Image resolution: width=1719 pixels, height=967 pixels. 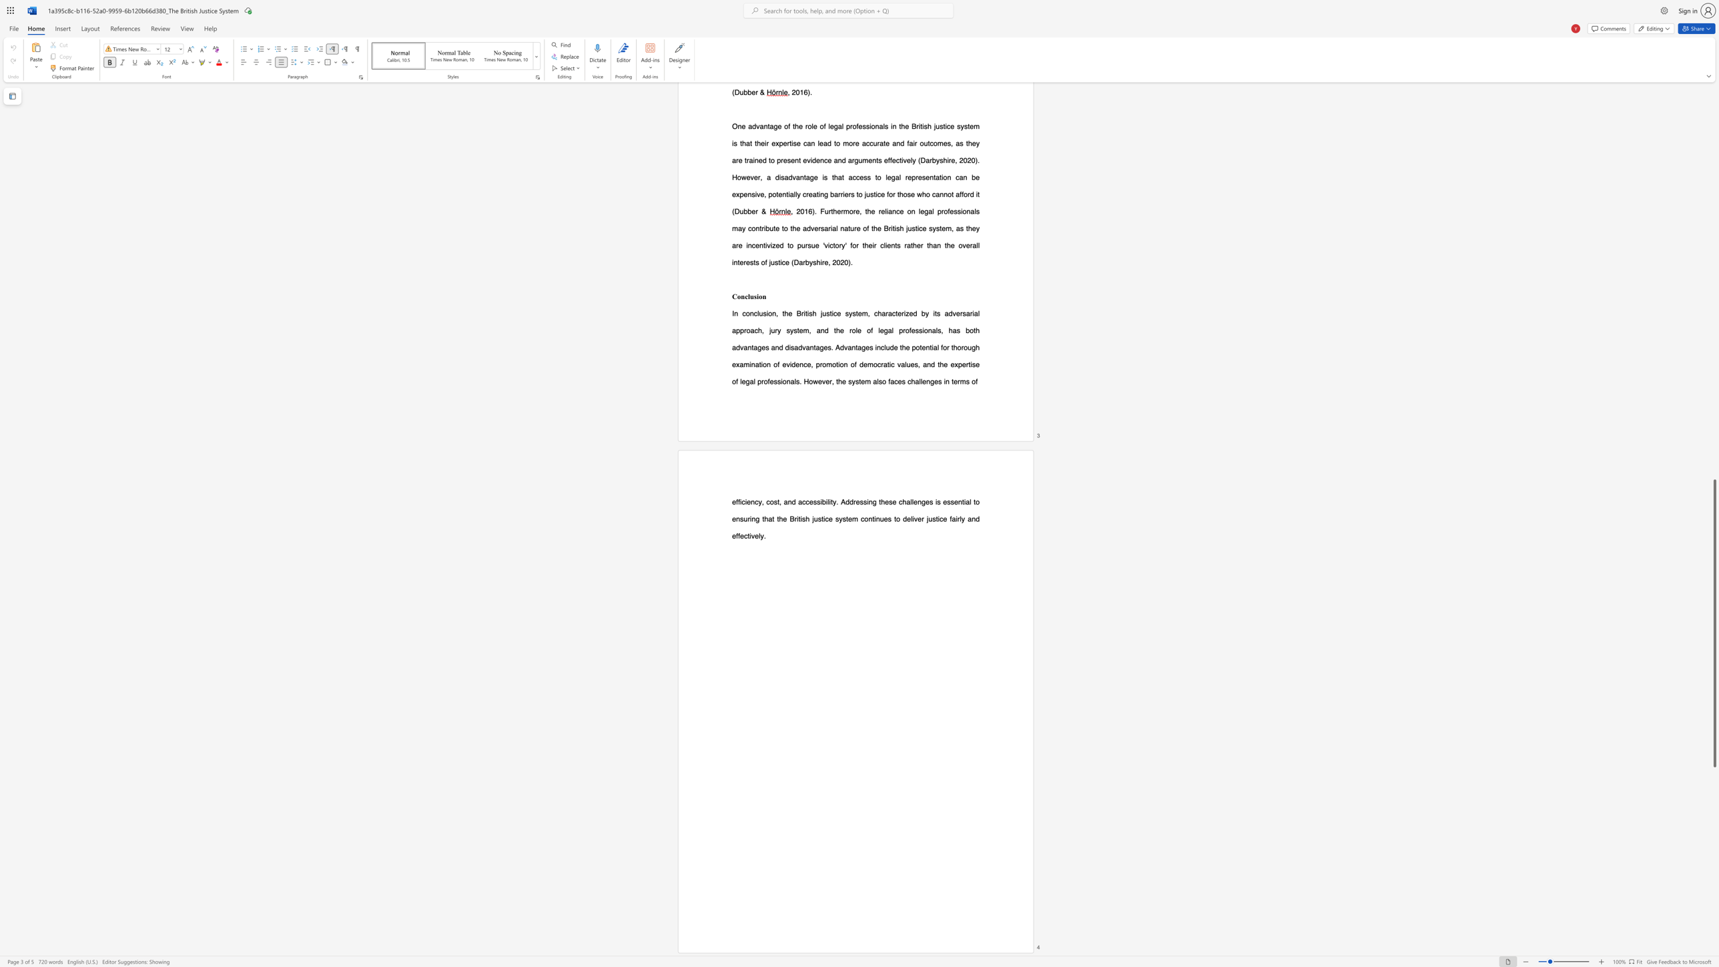 I want to click on the 3th character "h" in the text, so click(x=765, y=518).